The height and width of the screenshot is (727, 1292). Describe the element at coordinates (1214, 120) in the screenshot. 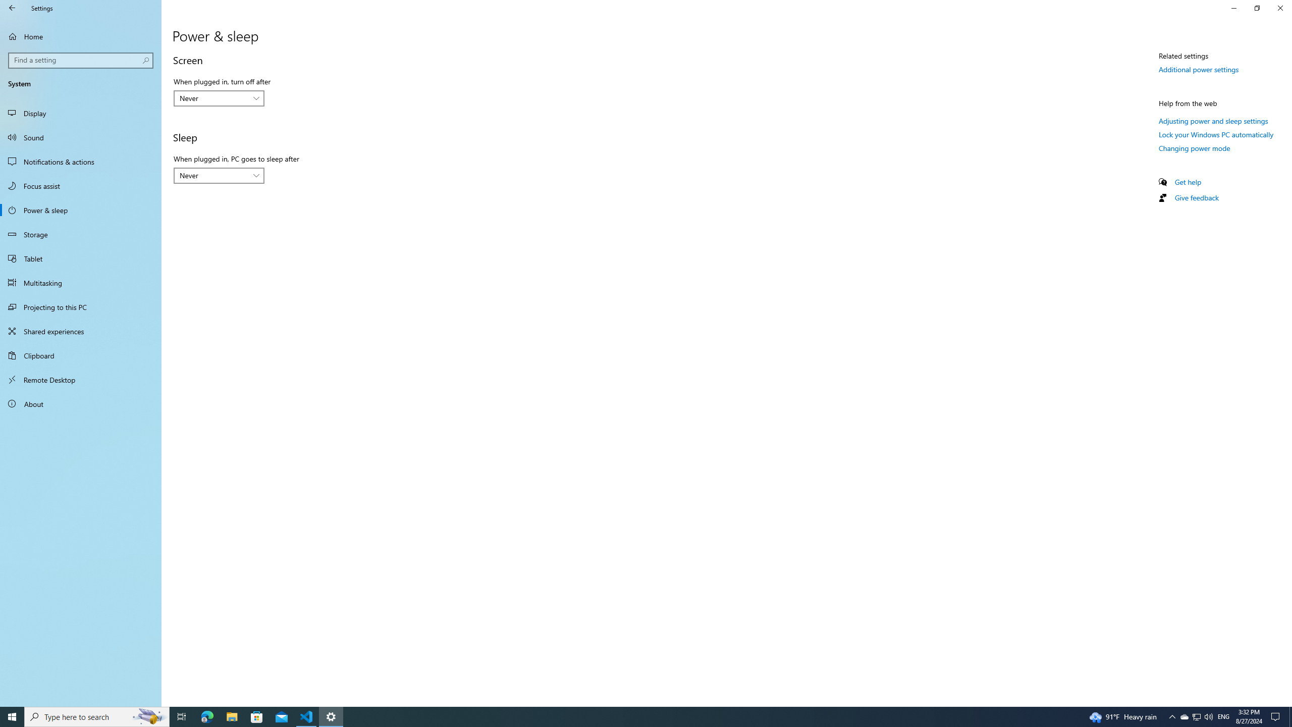

I see `'Adjusting power and sleep settings'` at that location.